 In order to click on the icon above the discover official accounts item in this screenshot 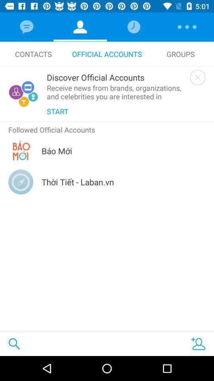, I will do `click(33, 54)`.